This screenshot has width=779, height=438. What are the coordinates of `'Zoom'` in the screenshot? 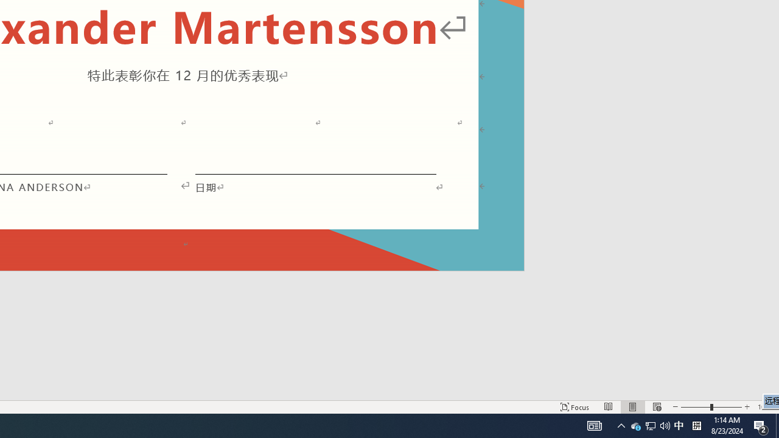 It's located at (711, 407).